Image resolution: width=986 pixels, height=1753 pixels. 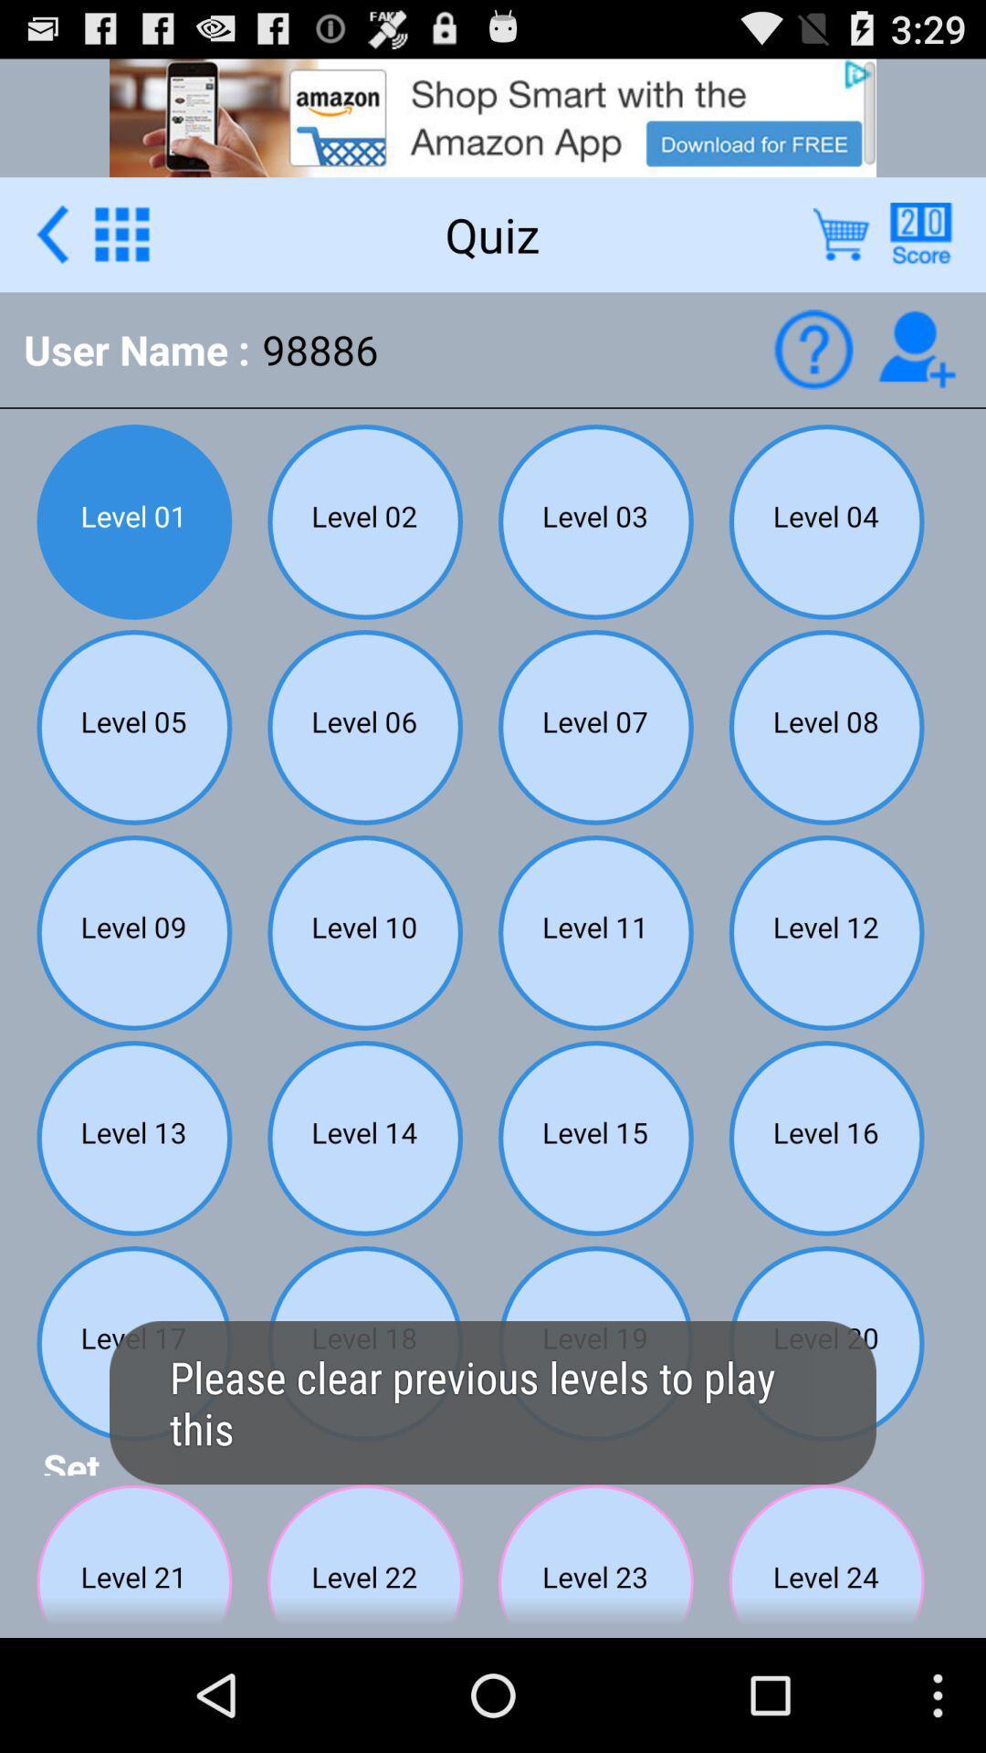 What do you see at coordinates (917, 373) in the screenshot?
I see `the follow icon` at bounding box center [917, 373].